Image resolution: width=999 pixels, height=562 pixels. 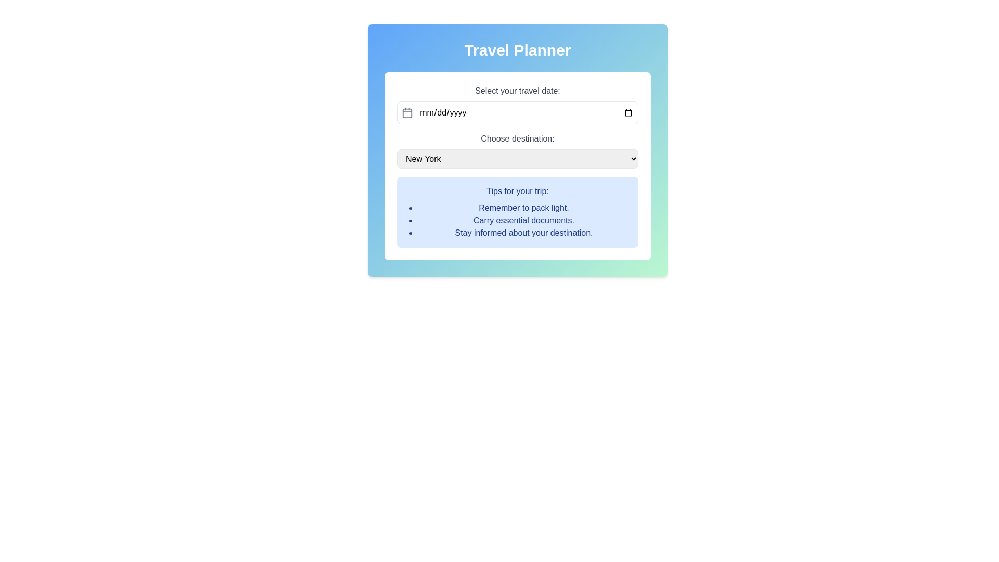 What do you see at coordinates (517, 150) in the screenshot?
I see `the Dropdown menu located below the 'Select your travel date:' input field and above the 'Tips for your trip:' section by clicking on it` at bounding box center [517, 150].